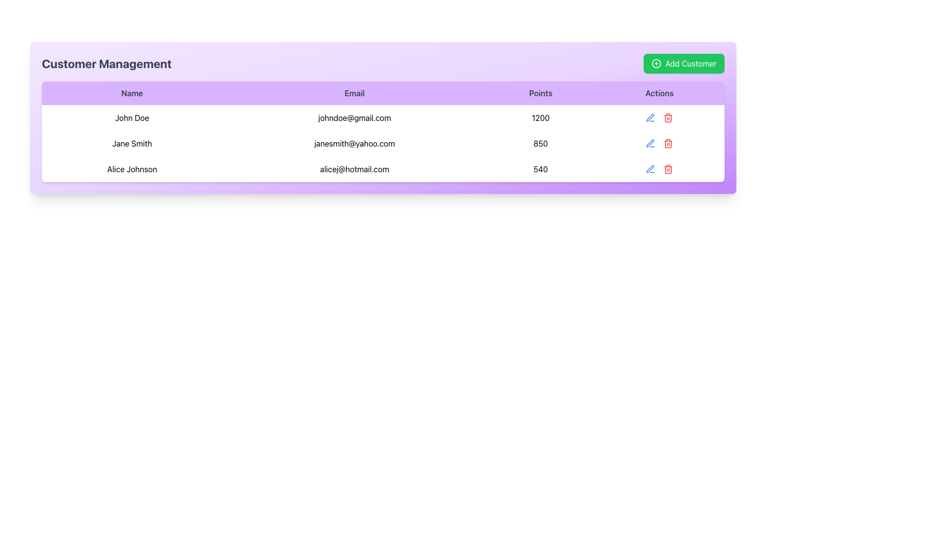  I want to click on the header label for the 'Name' column in the table located at the top left corner of the data table, so click(132, 93).